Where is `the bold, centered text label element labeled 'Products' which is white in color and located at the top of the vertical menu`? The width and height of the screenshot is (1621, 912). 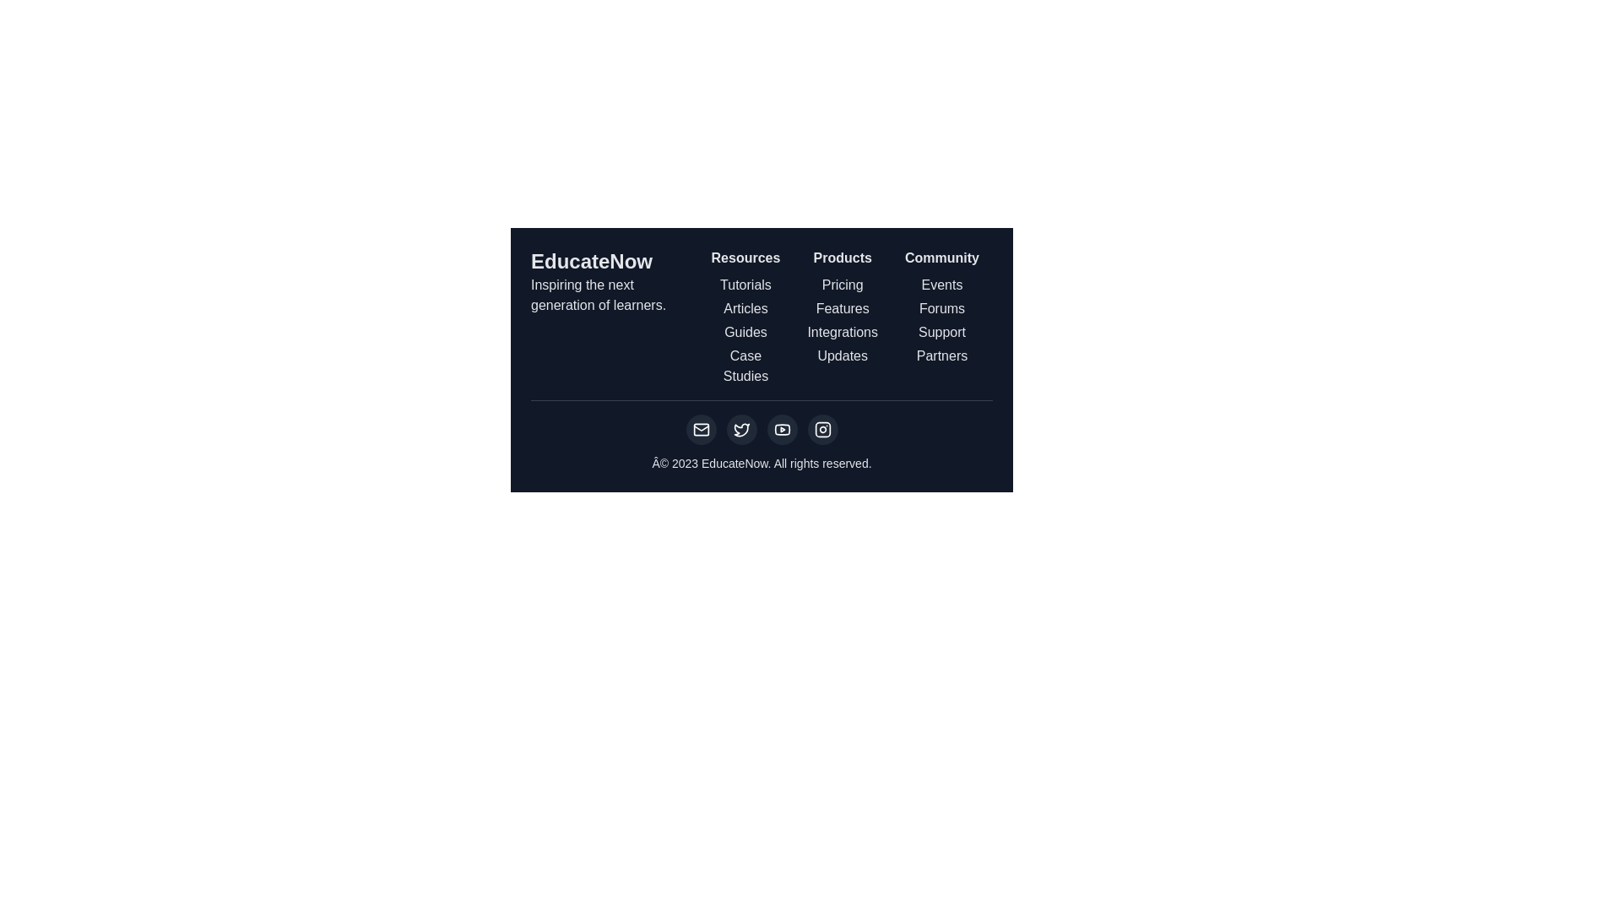
the bold, centered text label element labeled 'Products' which is white in color and located at the top of the vertical menu is located at coordinates (843, 258).